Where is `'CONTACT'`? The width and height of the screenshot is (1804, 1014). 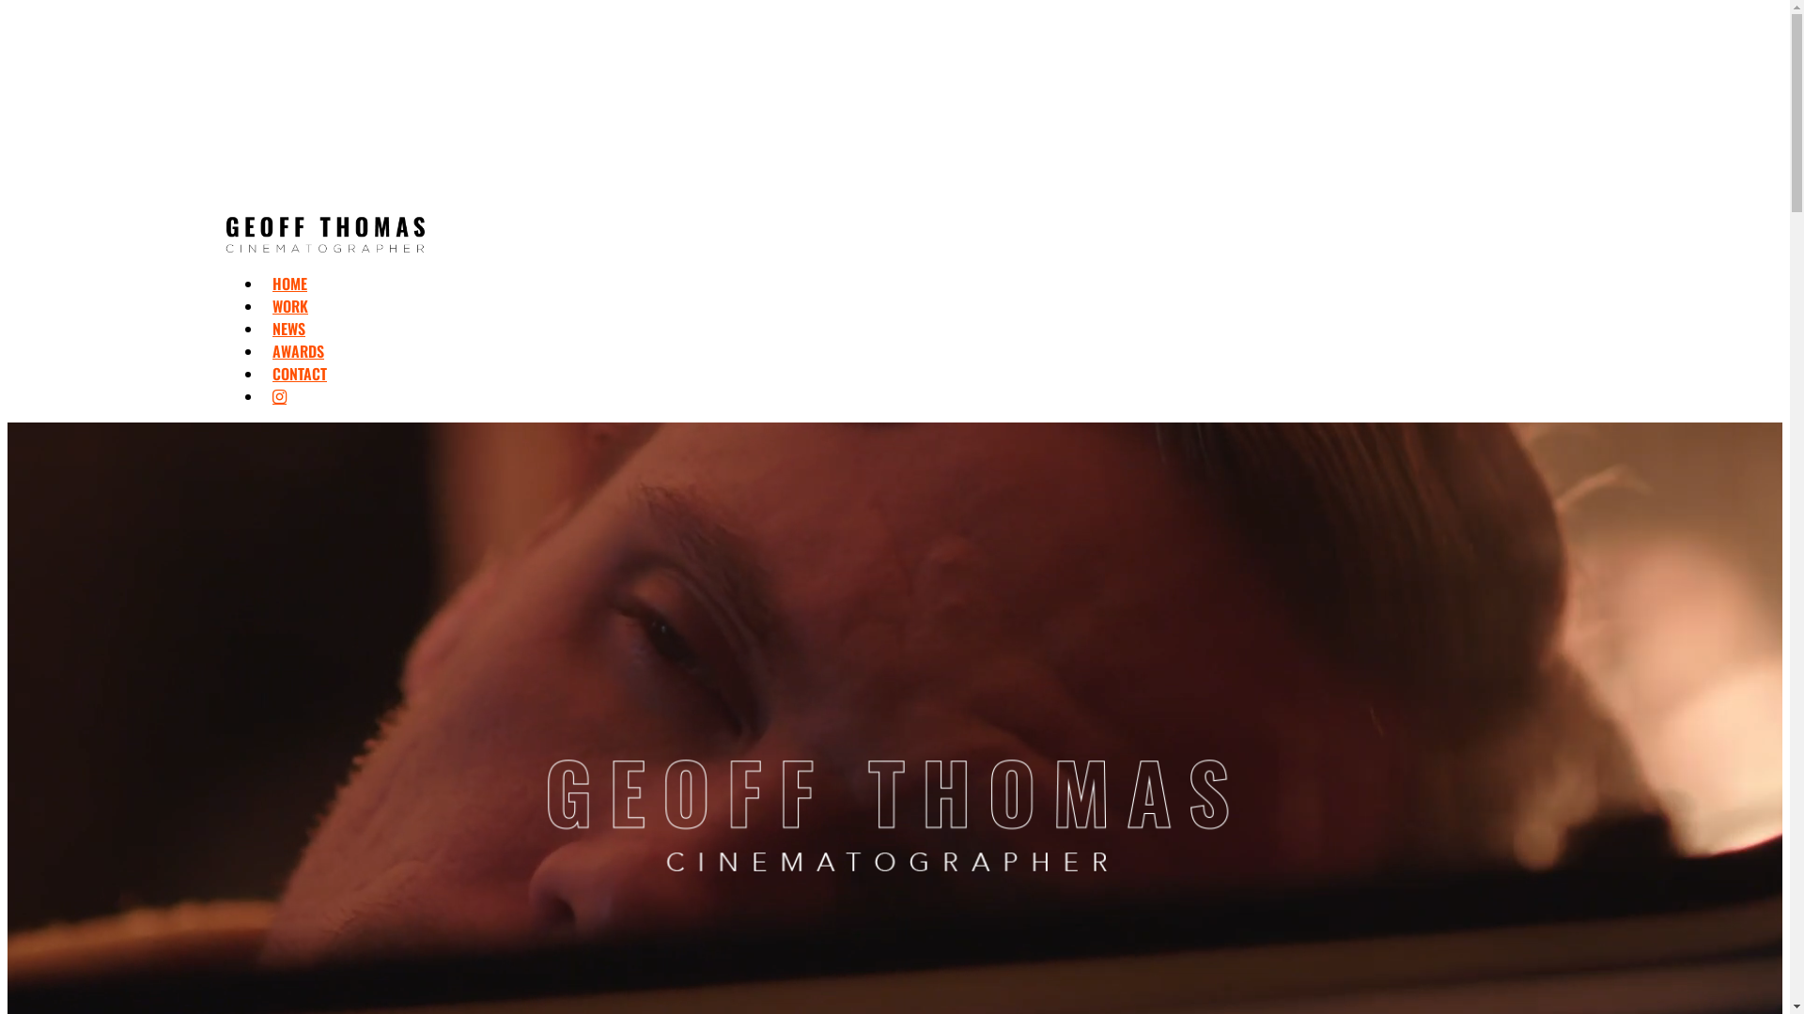 'CONTACT' is located at coordinates (298, 373).